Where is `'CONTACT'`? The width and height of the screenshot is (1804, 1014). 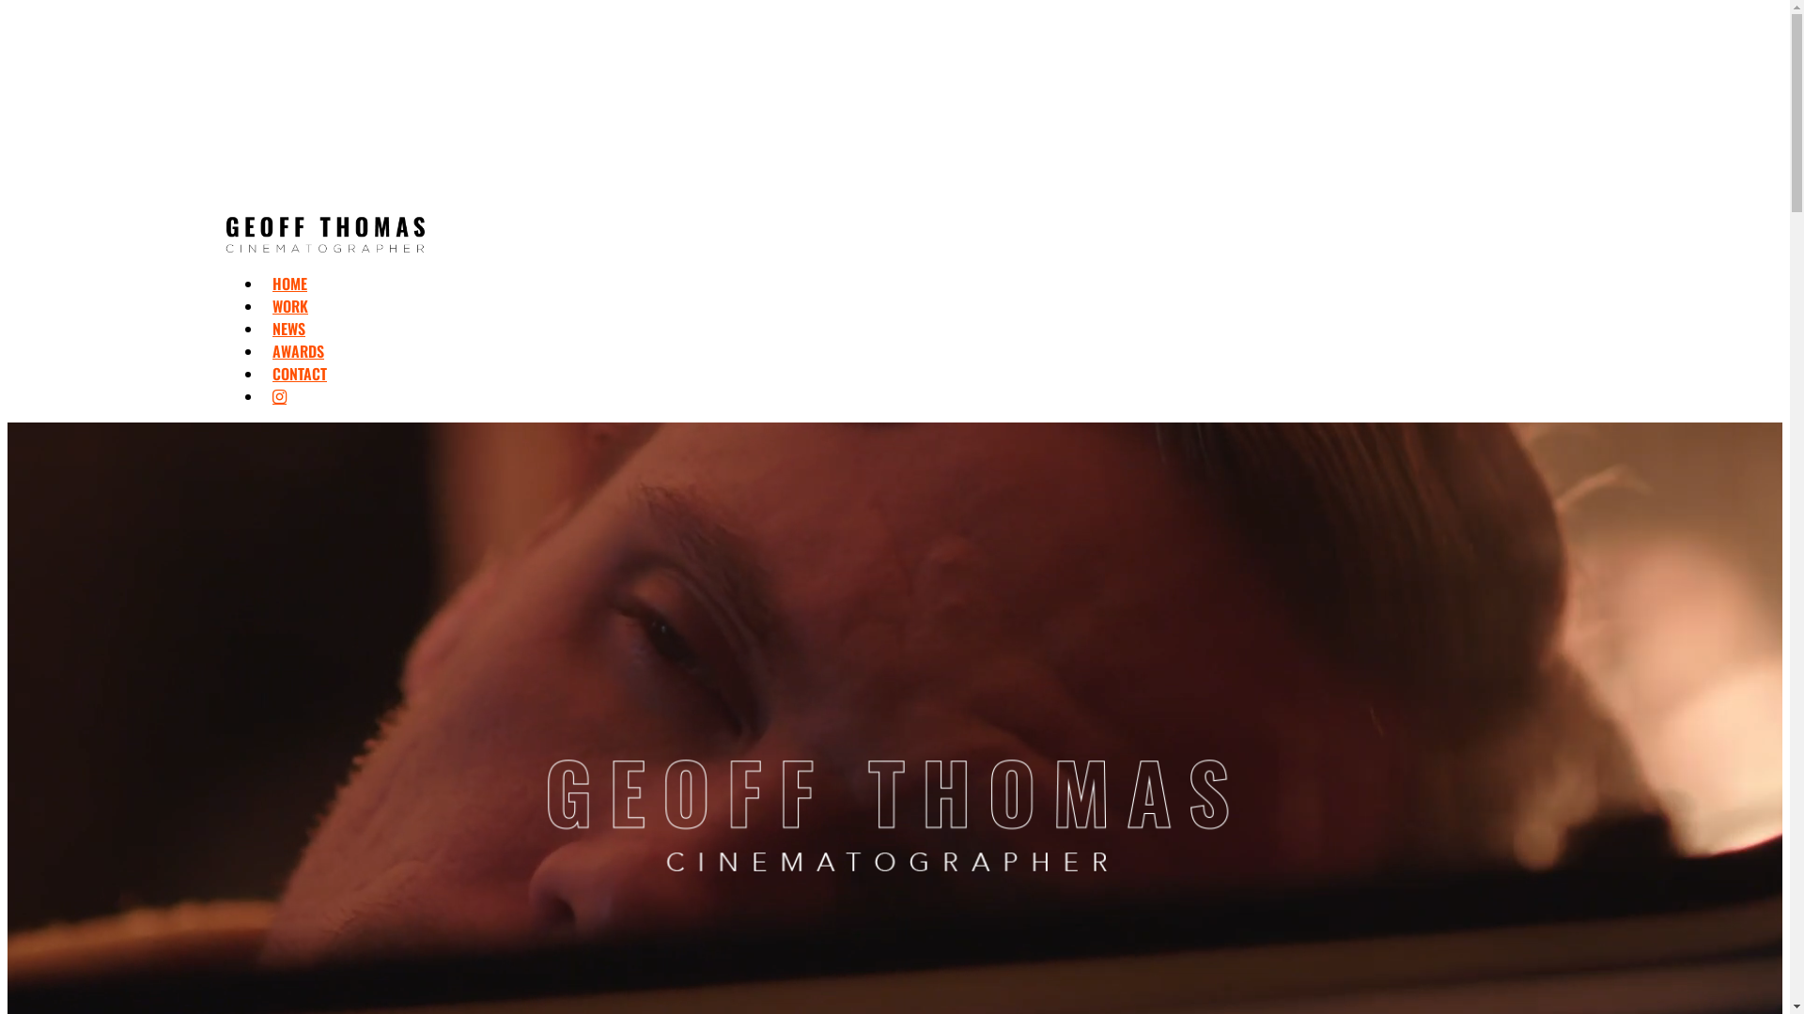 'CONTACT' is located at coordinates (298, 373).